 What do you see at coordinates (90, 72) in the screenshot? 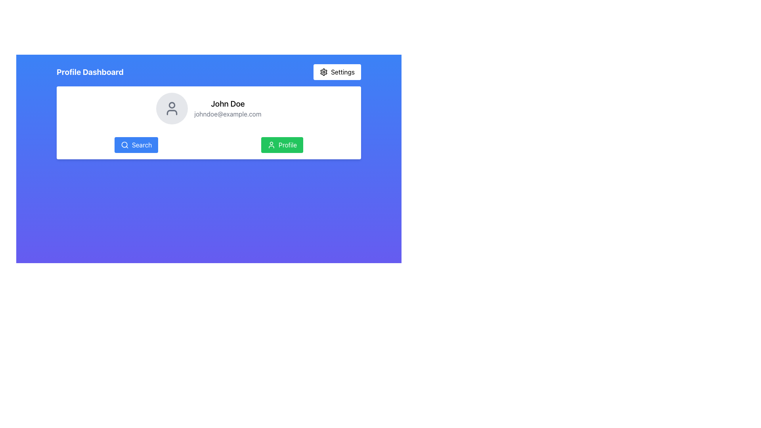
I see `the 'Profile Dashboard' text label element, which is displayed in bold, large white font on a blue background, located in the upper-left portion of the interface` at bounding box center [90, 72].